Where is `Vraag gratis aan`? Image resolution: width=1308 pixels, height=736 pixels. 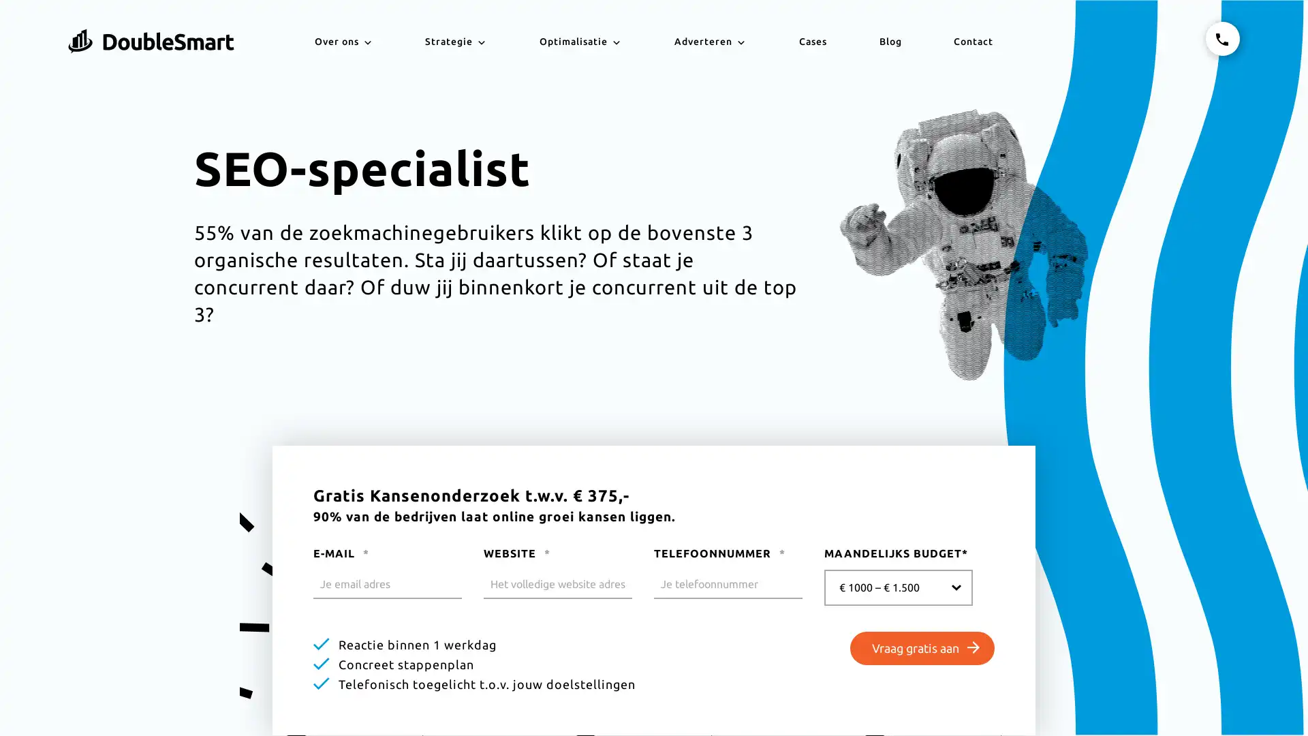
Vraag gratis aan is located at coordinates (922, 647).